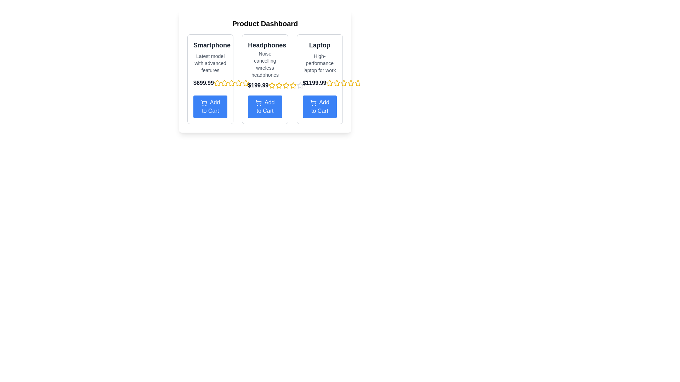  I want to click on the fourth star in the rating component for the product labeled 'Headphones', located beneath the '$199.99' price label, so click(286, 85).